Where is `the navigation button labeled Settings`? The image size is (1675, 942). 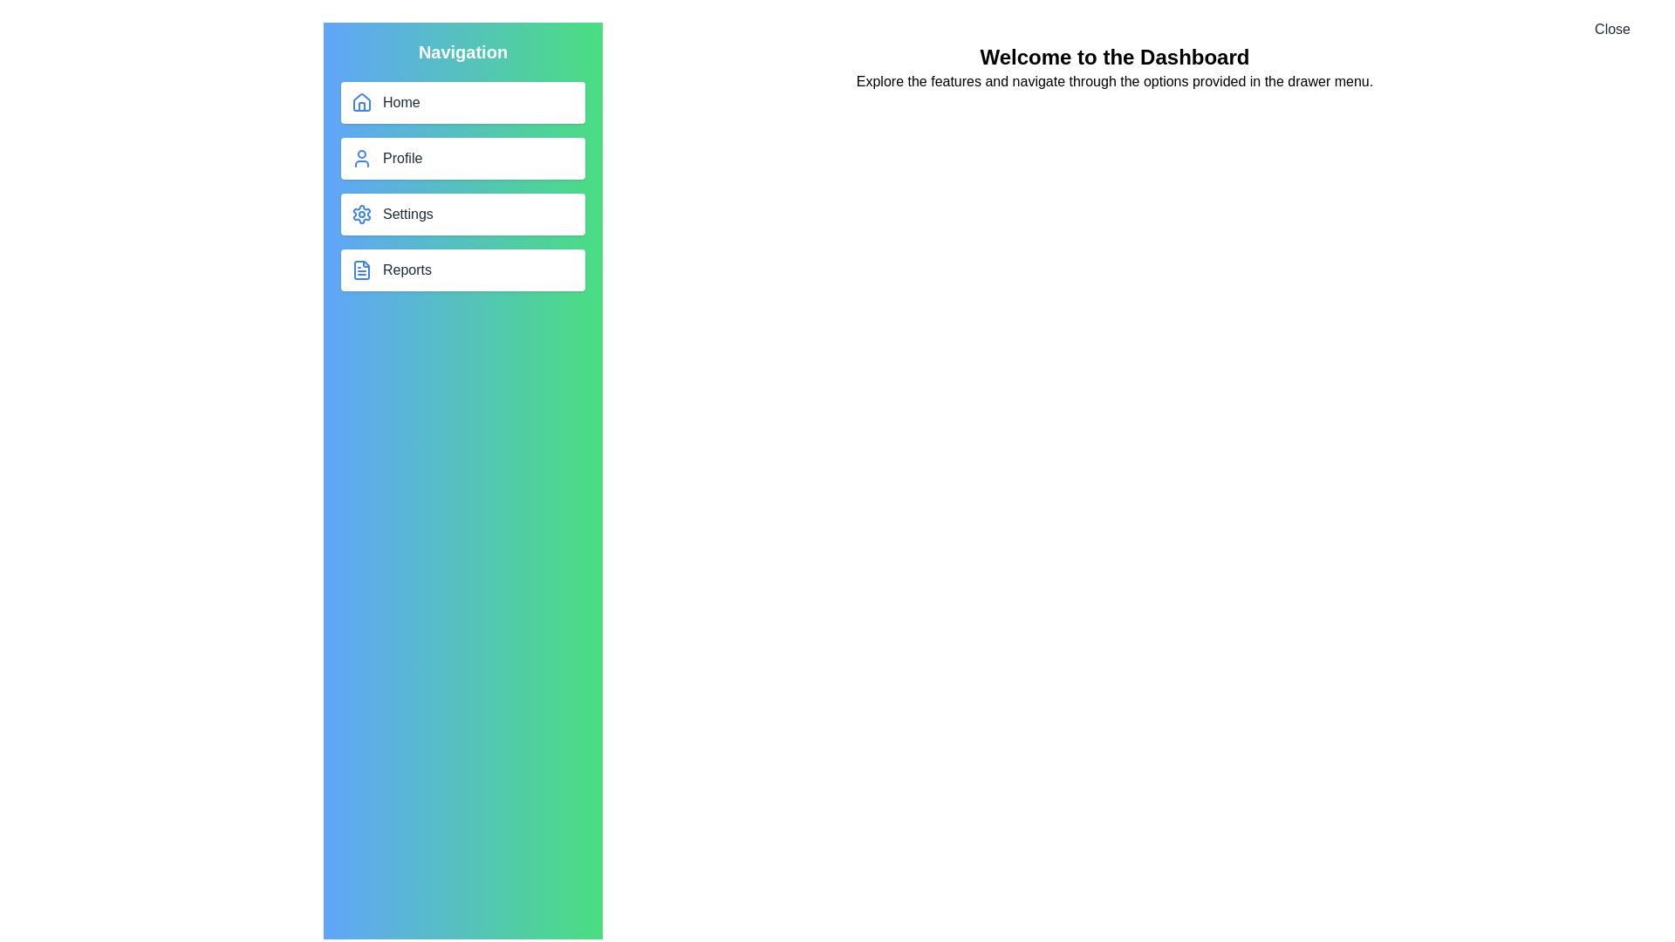 the navigation button labeled Settings is located at coordinates (463, 214).